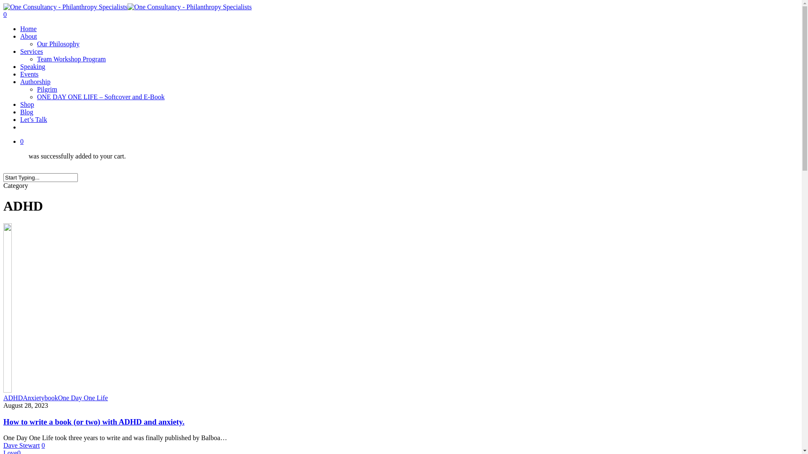 This screenshot has height=454, width=808. Describe the element at coordinates (34, 397) in the screenshot. I see `'Anxiety'` at that location.